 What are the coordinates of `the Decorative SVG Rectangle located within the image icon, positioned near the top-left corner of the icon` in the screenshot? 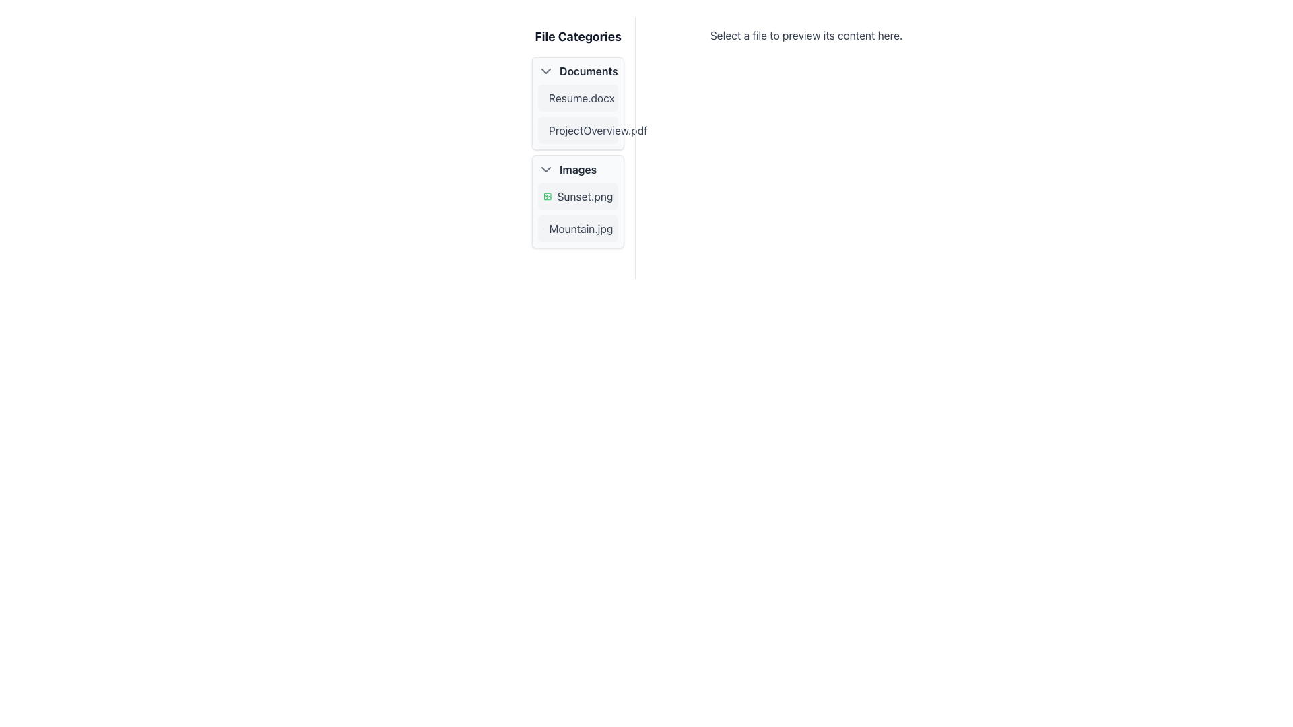 It's located at (548, 197).